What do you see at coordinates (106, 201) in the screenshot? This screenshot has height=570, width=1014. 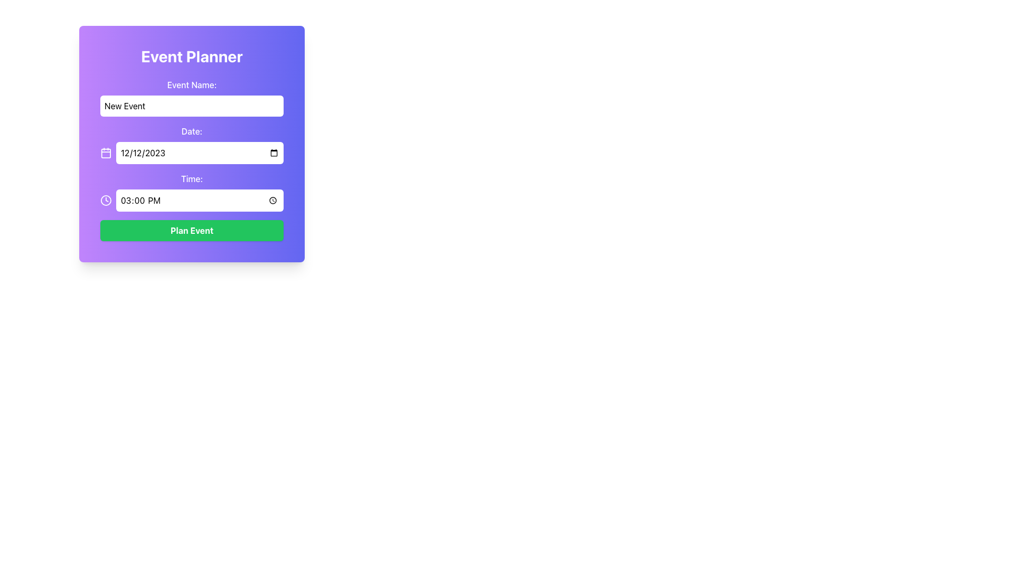 I see `the circular clock icon located to the left of the 'Time' field in the 'Event Planner' form layout` at bounding box center [106, 201].